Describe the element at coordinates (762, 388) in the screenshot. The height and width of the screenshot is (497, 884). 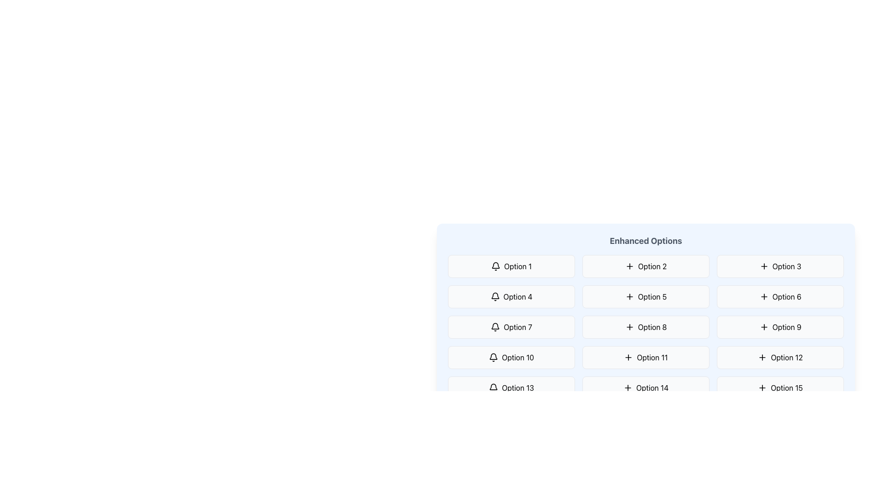
I see `the small plus icon located within the fifteenth option button labeled 'Option 15'` at that location.